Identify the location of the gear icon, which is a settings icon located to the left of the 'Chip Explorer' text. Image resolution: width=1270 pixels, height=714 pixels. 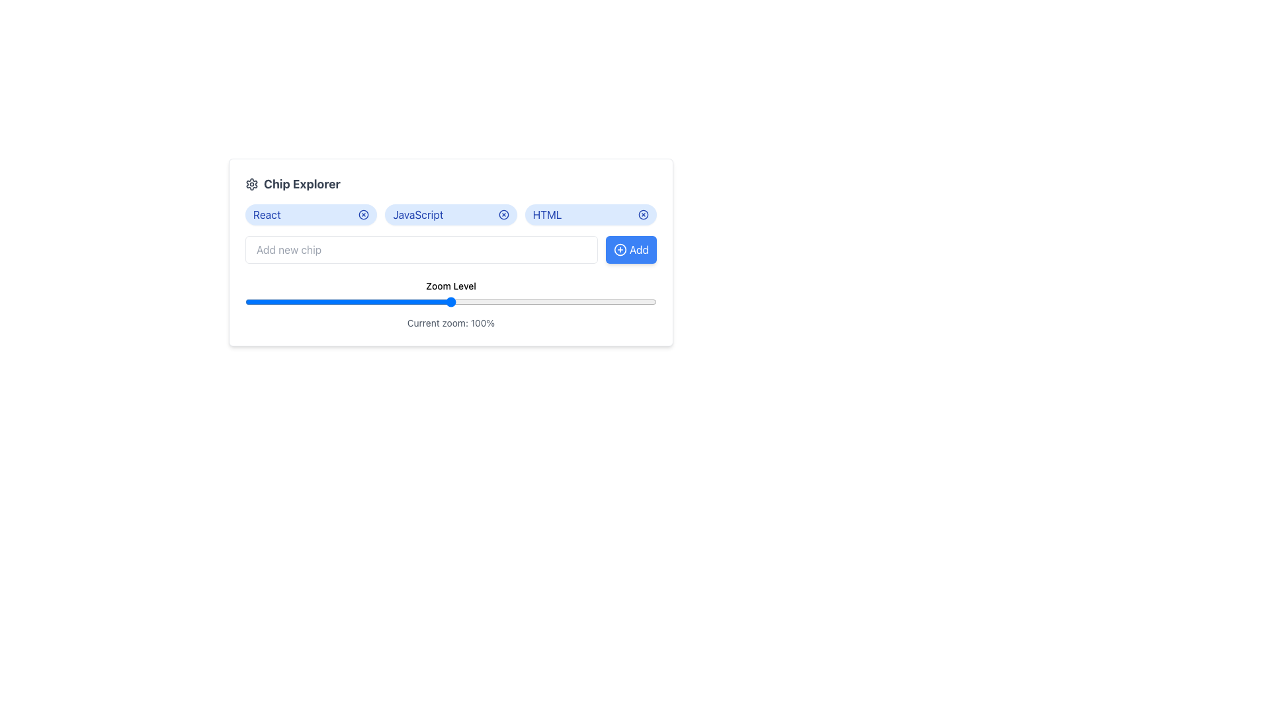
(251, 184).